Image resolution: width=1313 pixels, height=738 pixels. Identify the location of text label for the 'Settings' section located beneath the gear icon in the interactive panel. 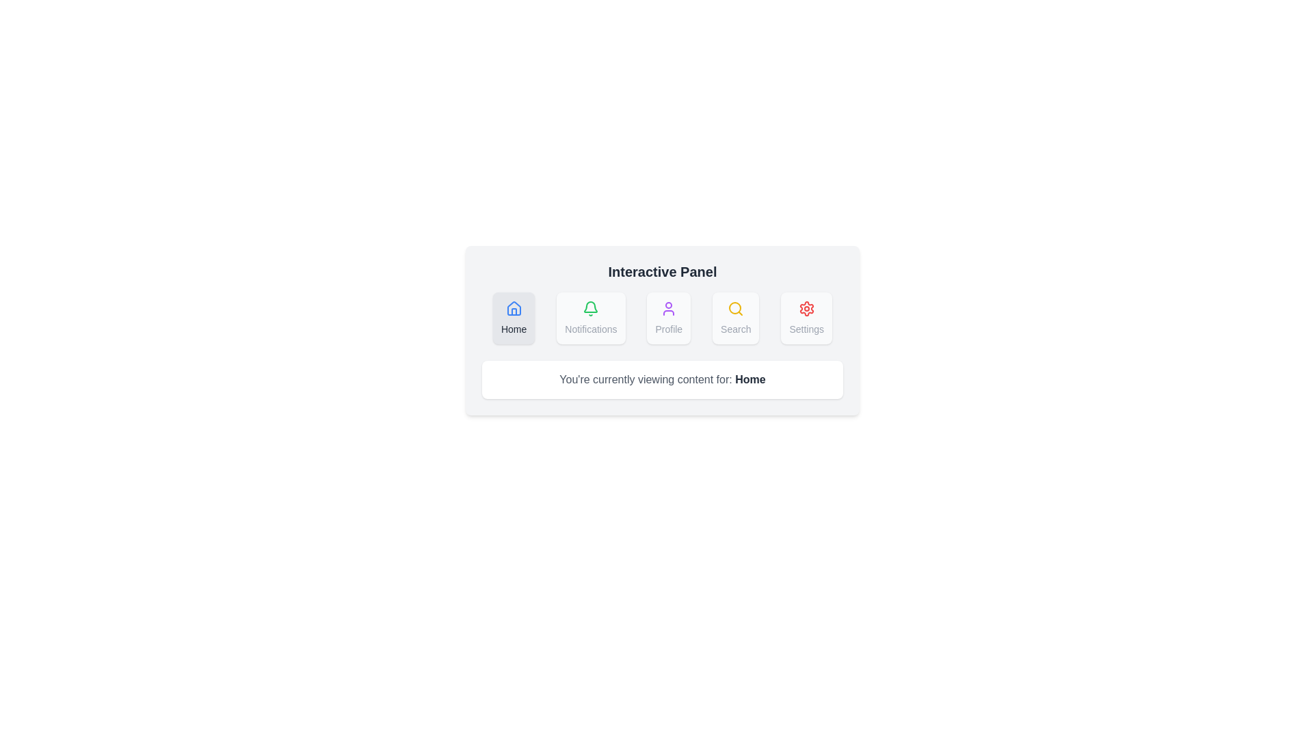
(806, 329).